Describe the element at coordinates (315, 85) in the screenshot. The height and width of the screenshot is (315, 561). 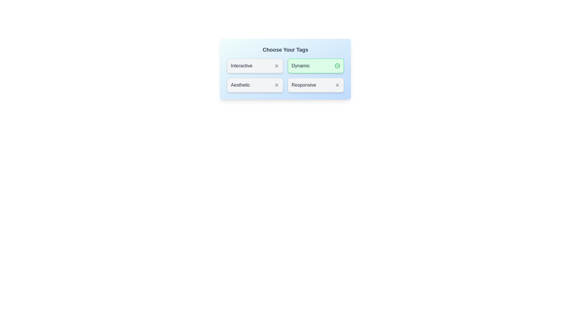
I see `the tag labeled Responsive` at that location.